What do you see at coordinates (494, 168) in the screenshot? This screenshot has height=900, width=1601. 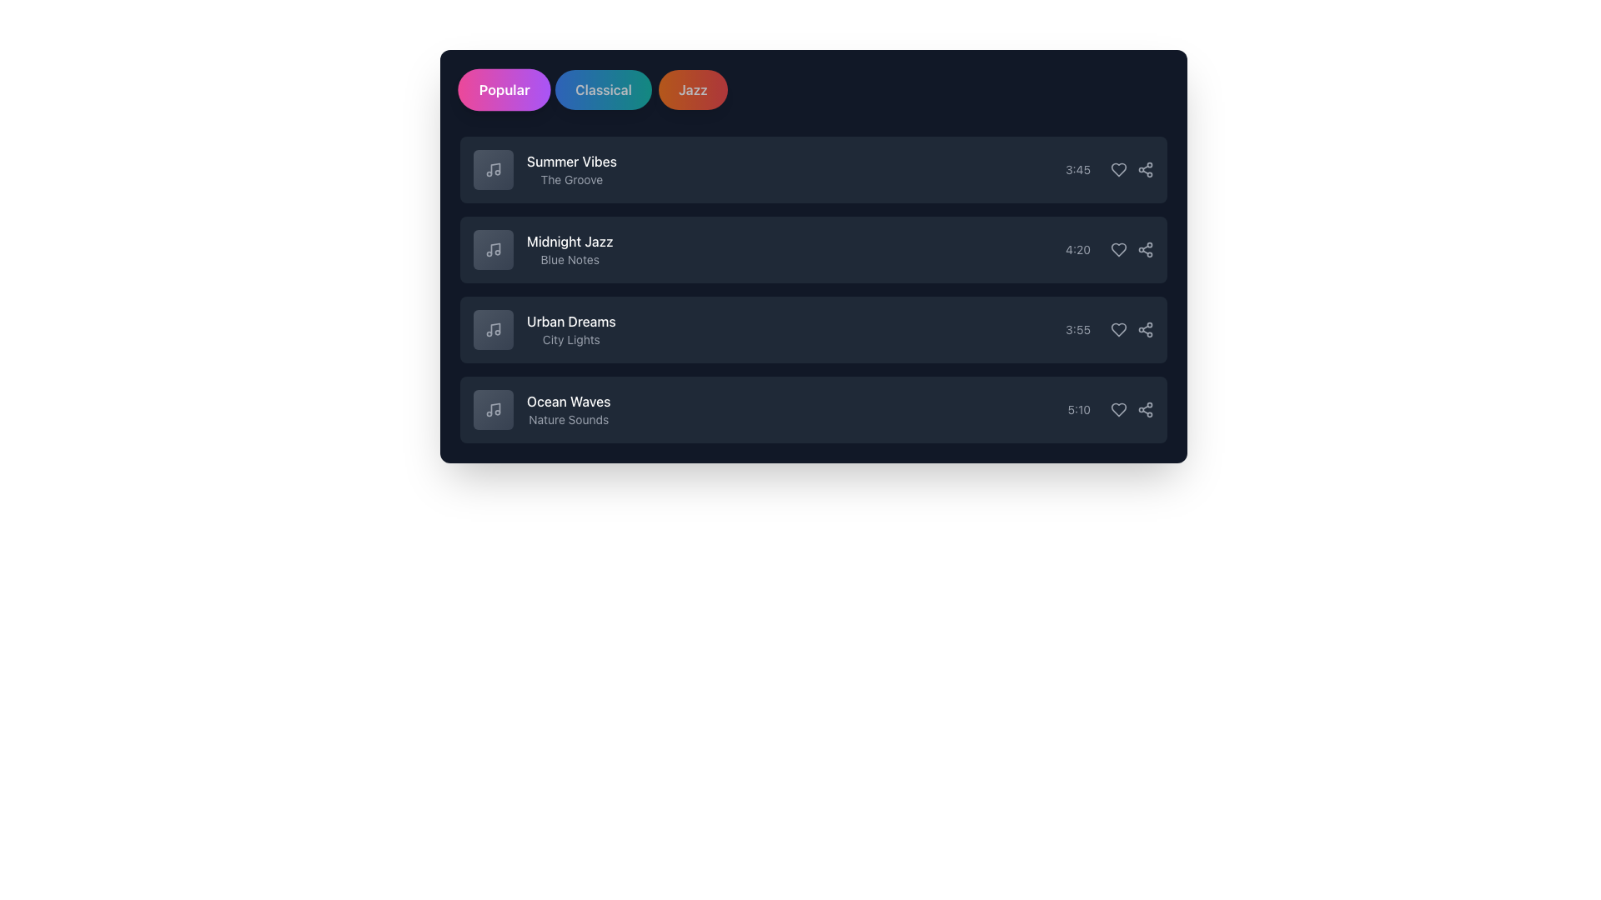 I see `the music icon located in the top-left corner of the 'Summer Vibes' row in the playlist, which symbolizes audio content` at bounding box center [494, 168].